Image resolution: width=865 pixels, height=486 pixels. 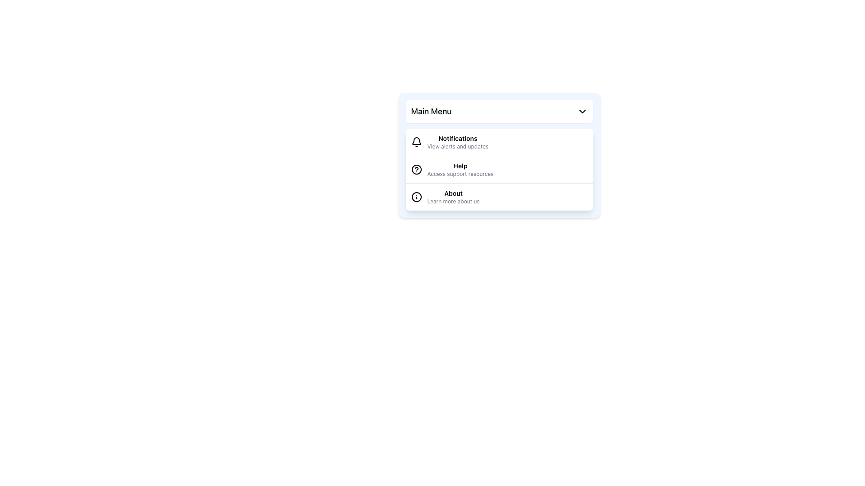 What do you see at coordinates (458, 139) in the screenshot?
I see `text label displaying 'Notifications' located at the top of the first menu item under 'Main Menu'` at bounding box center [458, 139].